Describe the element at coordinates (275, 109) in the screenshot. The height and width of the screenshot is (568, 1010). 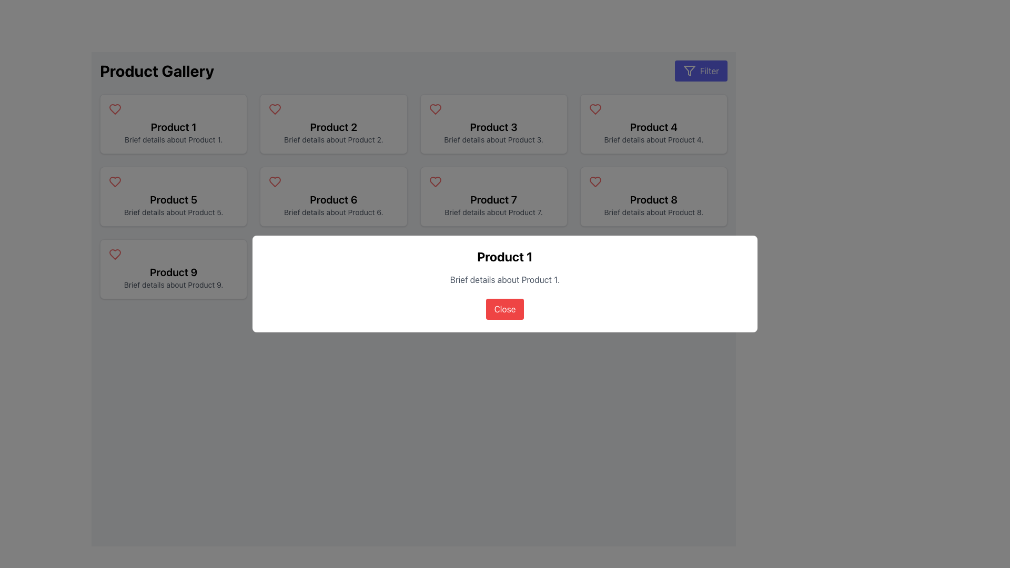
I see `the 'like' or 'favorite' icon button located in the top-left corner of the card for 'Product 2'` at that location.